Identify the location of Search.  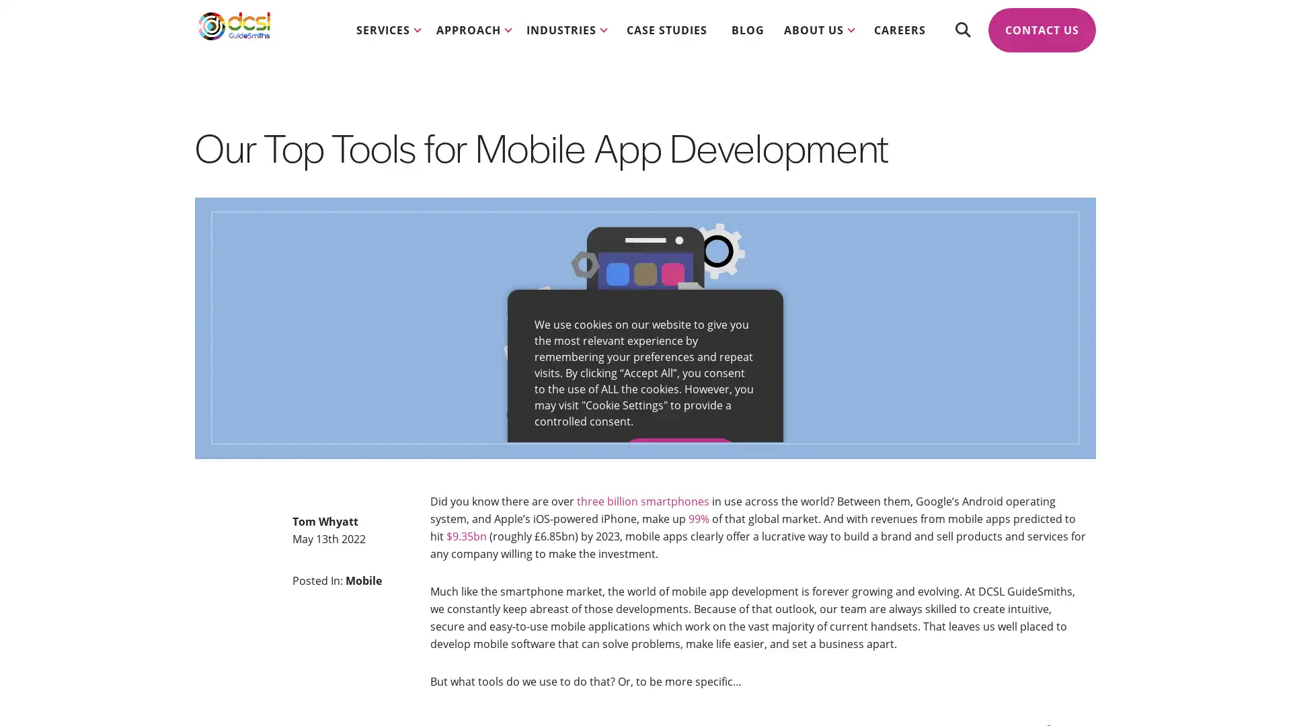
(962, 40).